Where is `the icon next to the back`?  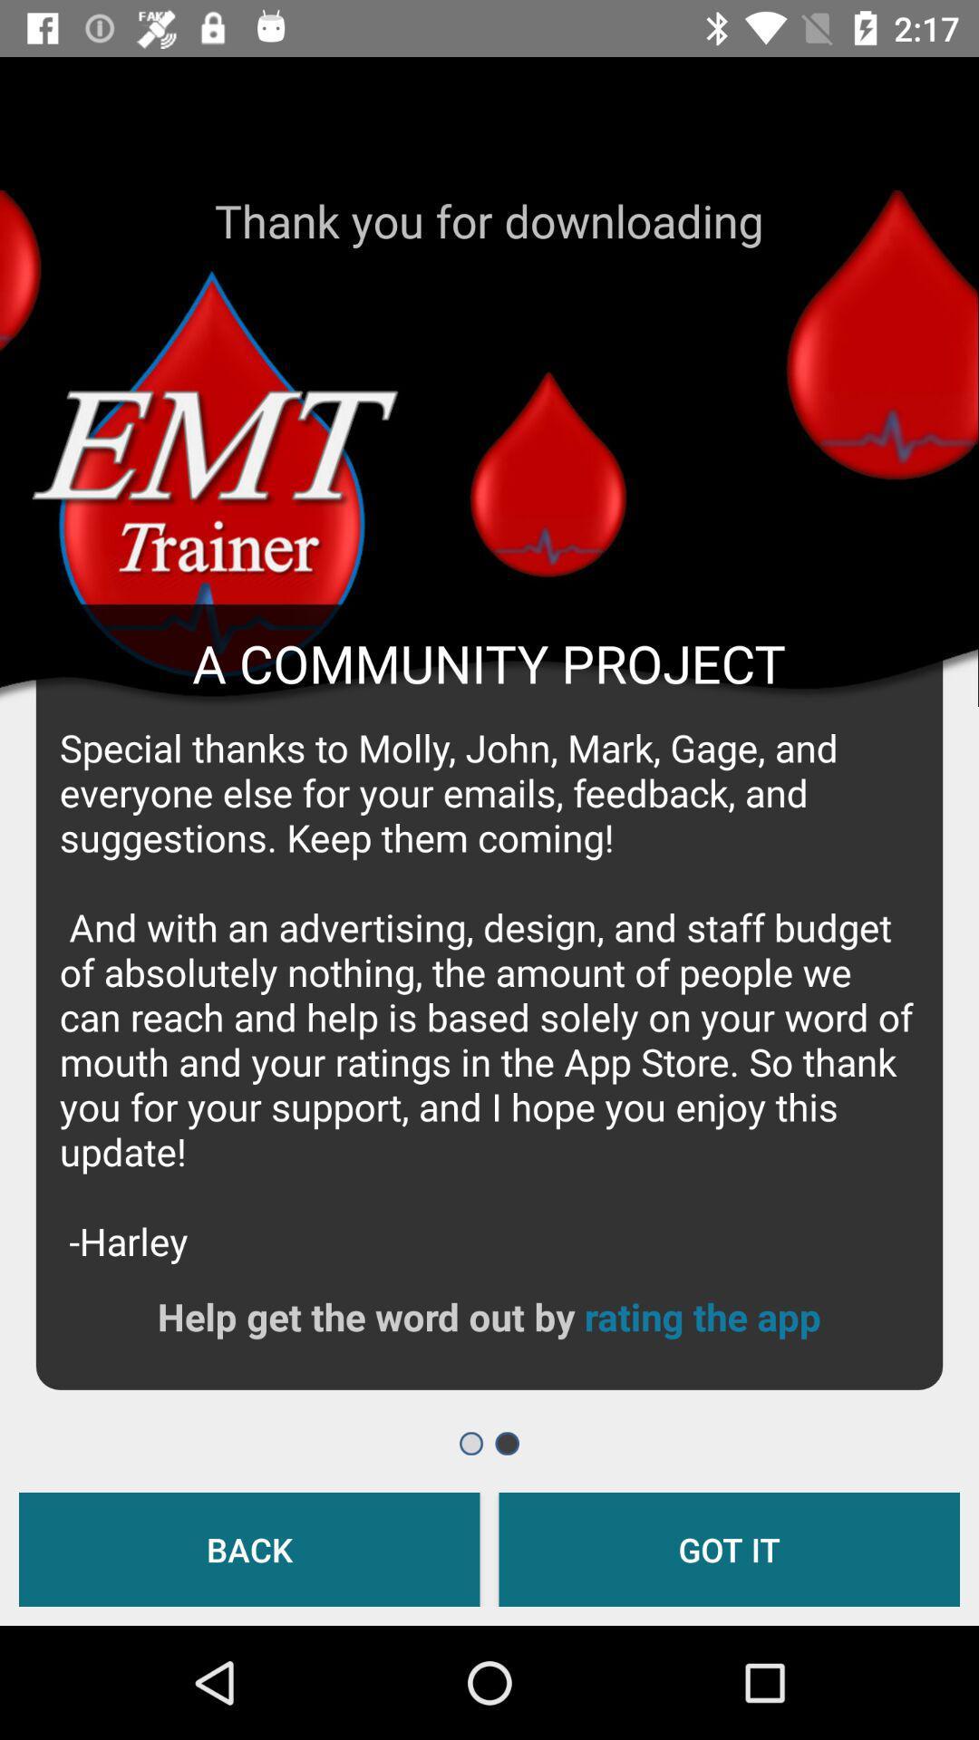 the icon next to the back is located at coordinates (728, 1548).